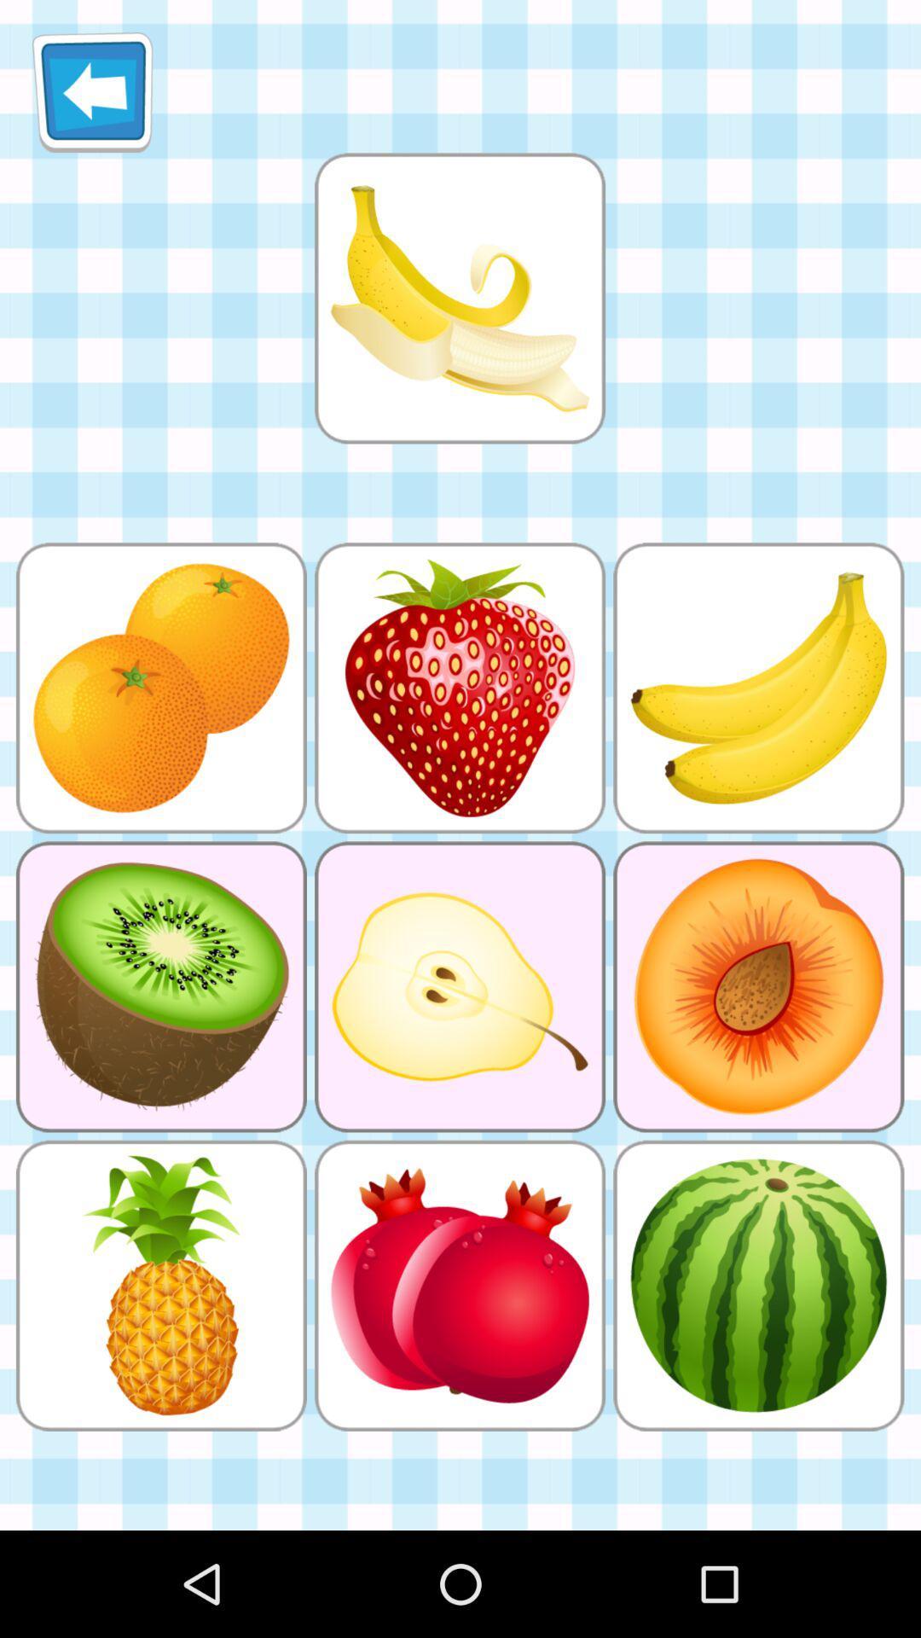  Describe the element at coordinates (459, 298) in the screenshot. I see `image` at that location.